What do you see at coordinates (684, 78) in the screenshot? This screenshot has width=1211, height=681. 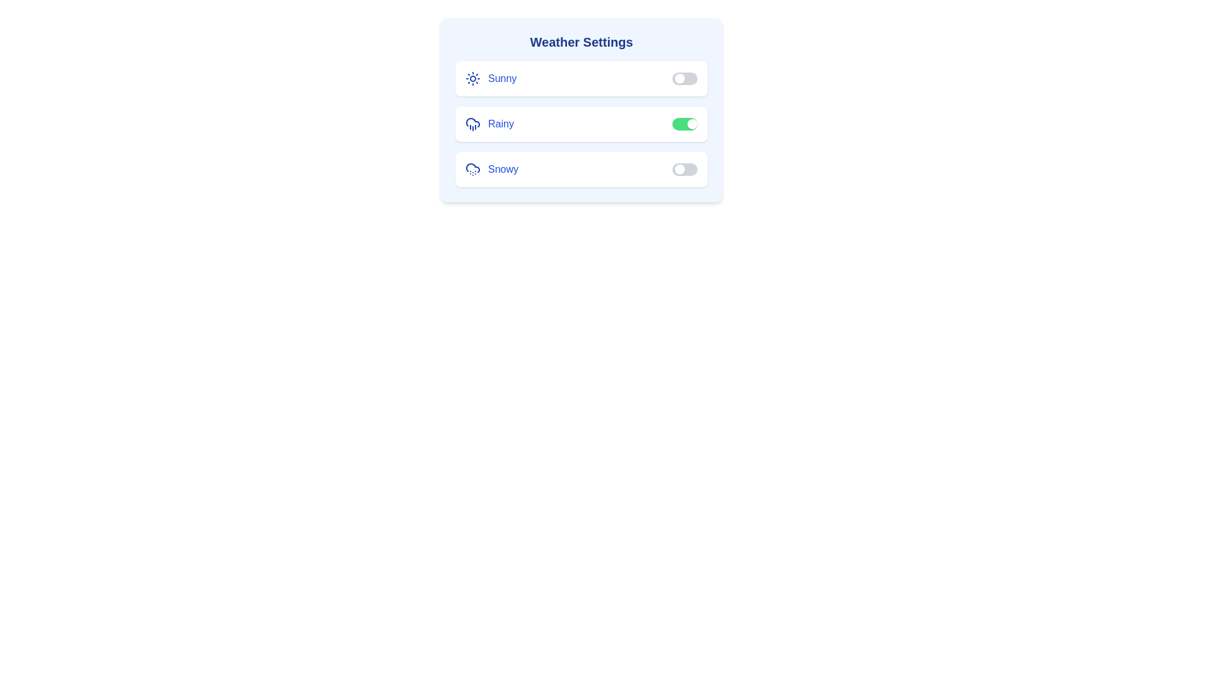 I see `the toggle switch located in the 'Weather Settings' section under the 'Sunny' label` at bounding box center [684, 78].